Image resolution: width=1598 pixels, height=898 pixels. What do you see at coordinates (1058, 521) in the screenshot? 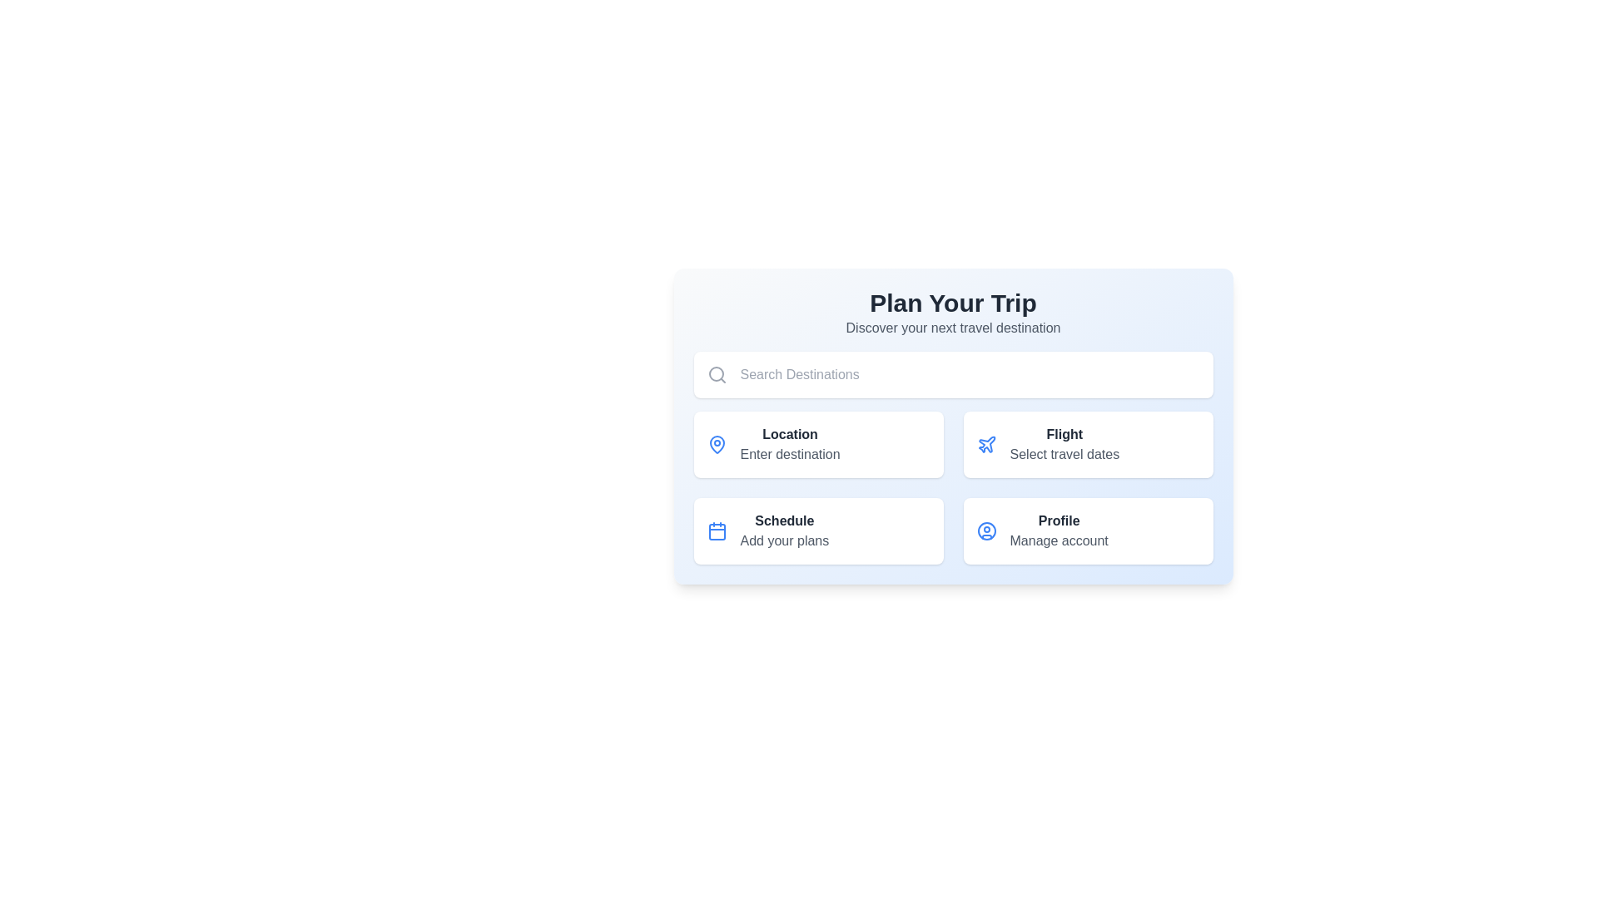
I see `the Text label that indicates the user's profile information or settings, positioned above the 'Manage account' text in the lower right quadrant of the main interface` at bounding box center [1058, 521].